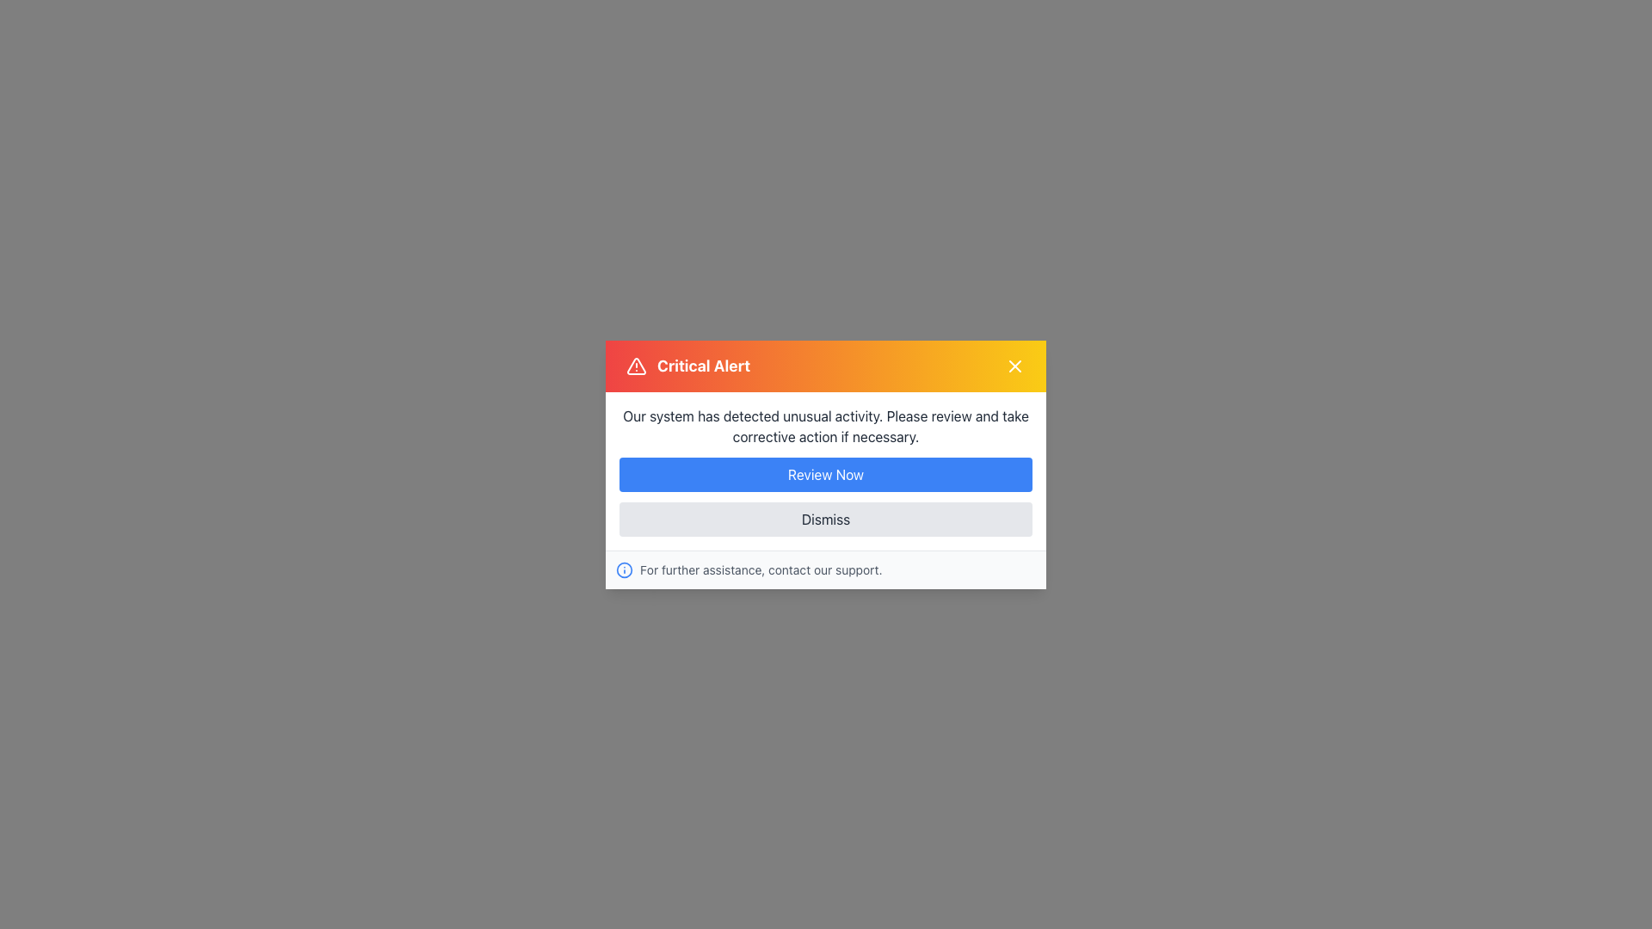  Describe the element at coordinates (635, 365) in the screenshot. I see `the triangular icon filled with a gradient, located at the top-left corner of the alert modal next to the 'Critical Alert' title` at that location.